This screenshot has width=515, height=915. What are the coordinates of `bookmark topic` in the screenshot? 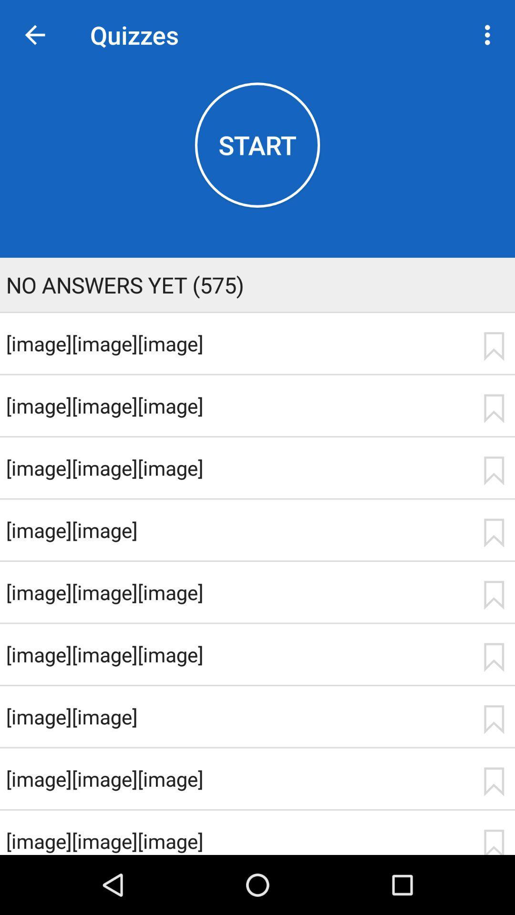 It's located at (494, 720).